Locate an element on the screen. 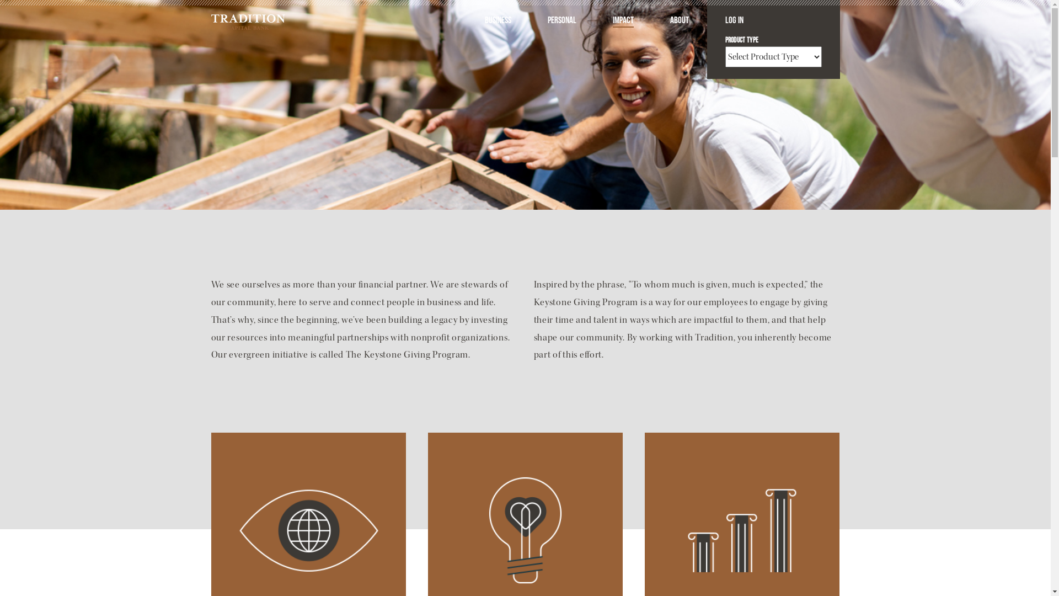 This screenshot has height=596, width=1059. 'Personal' is located at coordinates (547, 21).